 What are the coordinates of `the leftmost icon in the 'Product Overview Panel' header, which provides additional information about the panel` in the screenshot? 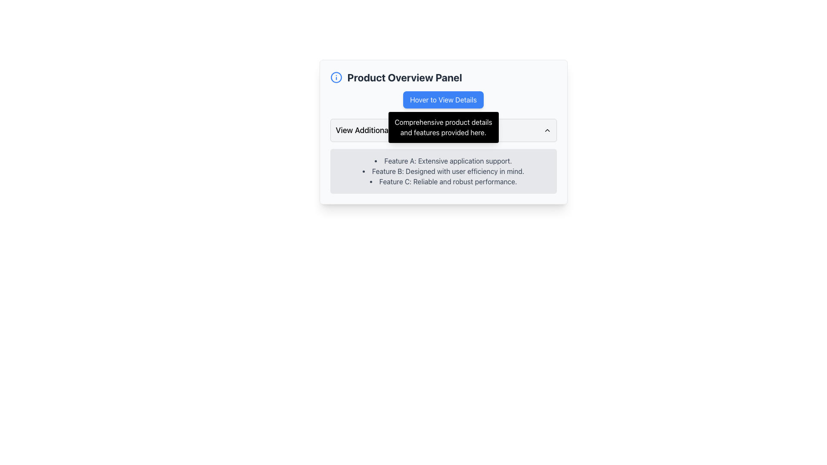 It's located at (336, 77).